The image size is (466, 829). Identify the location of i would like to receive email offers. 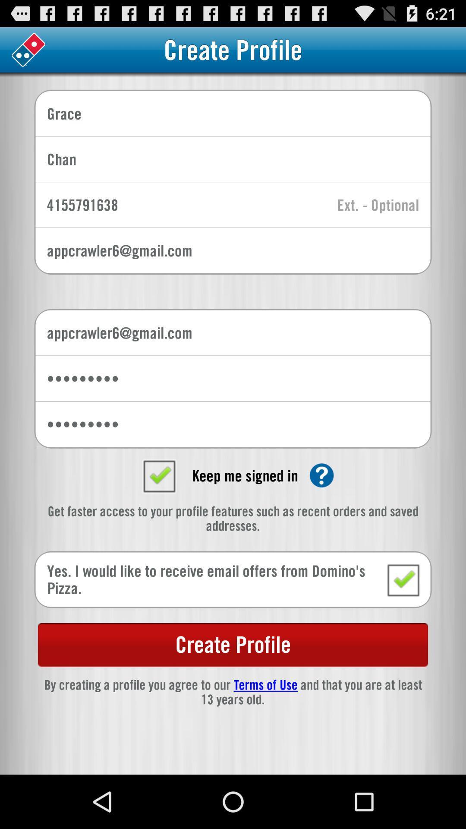
(403, 579).